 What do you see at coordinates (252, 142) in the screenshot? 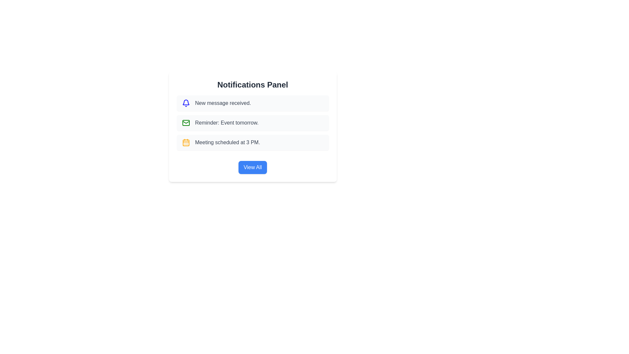
I see `the third notification item in the Notifications Panel that informs about a meeting scheduled at 3 PM` at bounding box center [252, 142].